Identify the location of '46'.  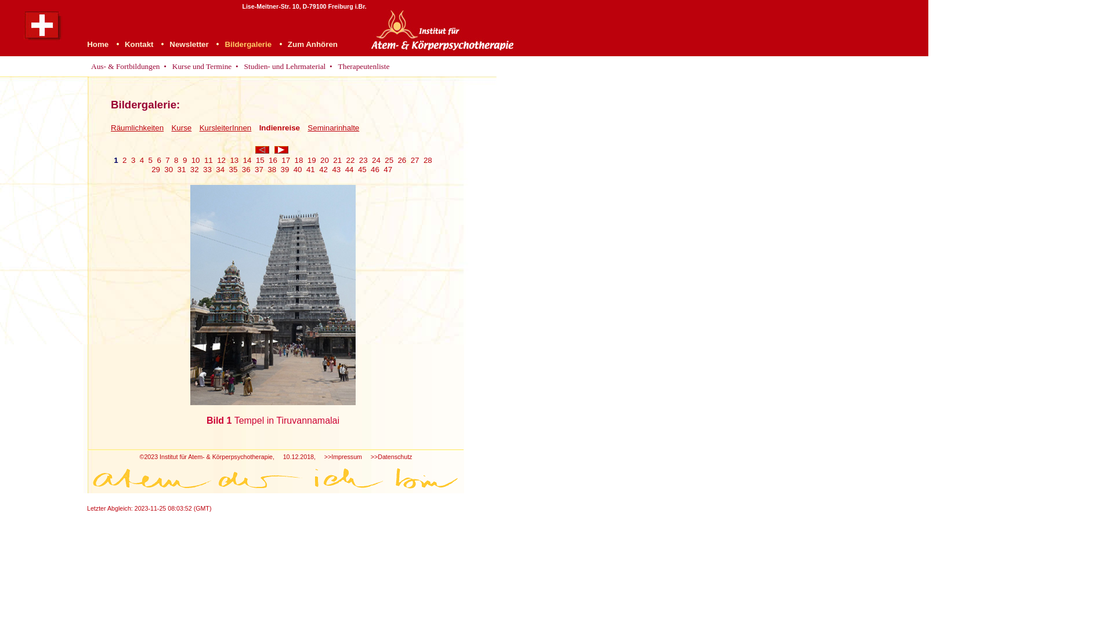
(375, 169).